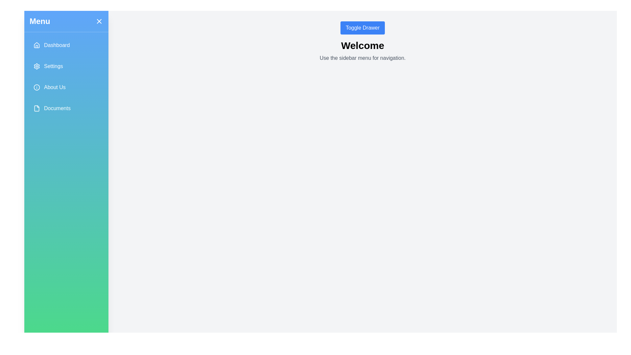  I want to click on the menu item labeled Documents, so click(66, 108).